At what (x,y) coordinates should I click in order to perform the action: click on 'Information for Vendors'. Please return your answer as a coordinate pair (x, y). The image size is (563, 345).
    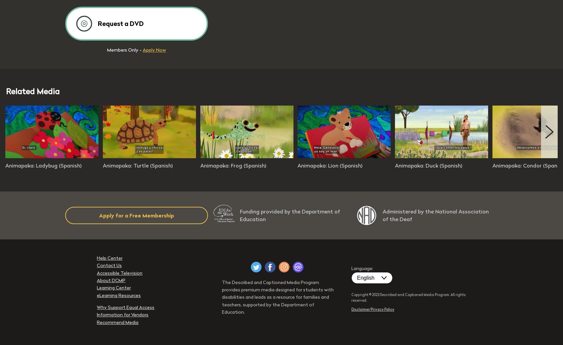
    Looking at the image, I should click on (96, 315).